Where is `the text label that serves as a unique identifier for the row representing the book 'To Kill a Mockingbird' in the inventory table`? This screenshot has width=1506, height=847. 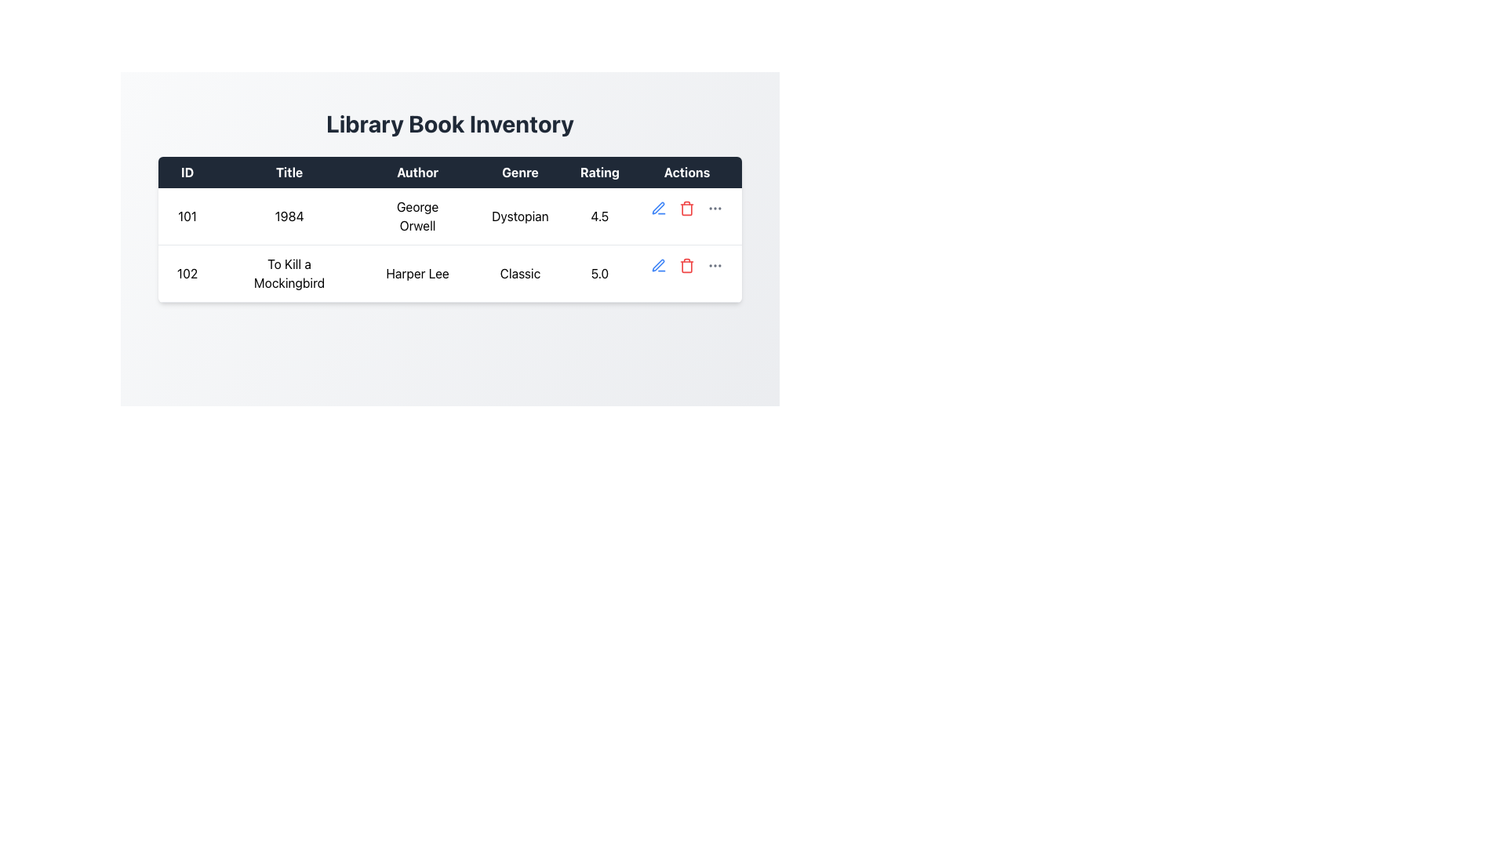
the text label that serves as a unique identifier for the row representing the book 'To Kill a Mockingbird' in the inventory table is located at coordinates (187, 272).